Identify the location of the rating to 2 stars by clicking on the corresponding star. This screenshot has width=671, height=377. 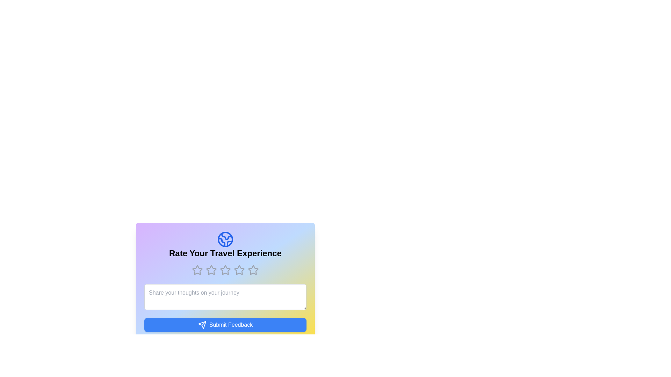
(211, 270).